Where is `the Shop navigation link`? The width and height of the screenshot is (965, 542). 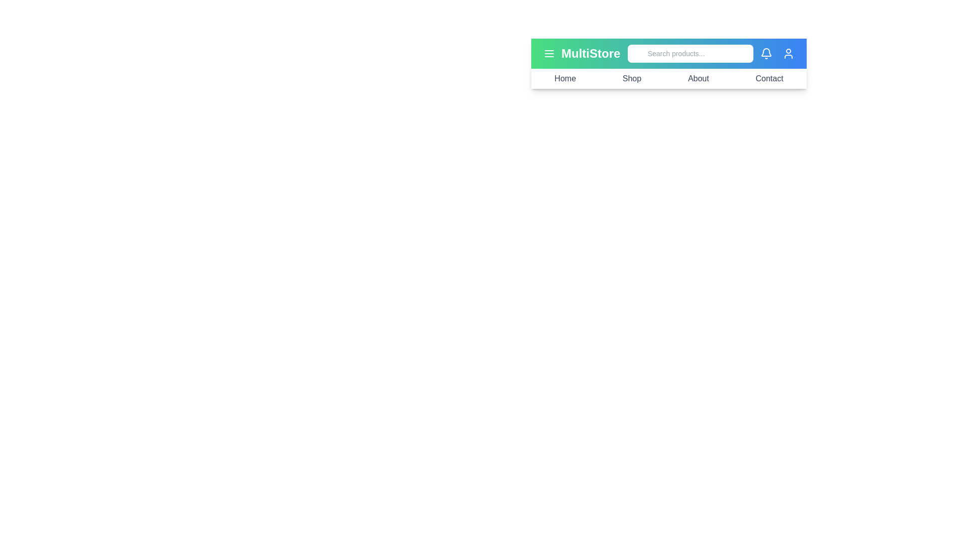 the Shop navigation link is located at coordinates (631, 78).